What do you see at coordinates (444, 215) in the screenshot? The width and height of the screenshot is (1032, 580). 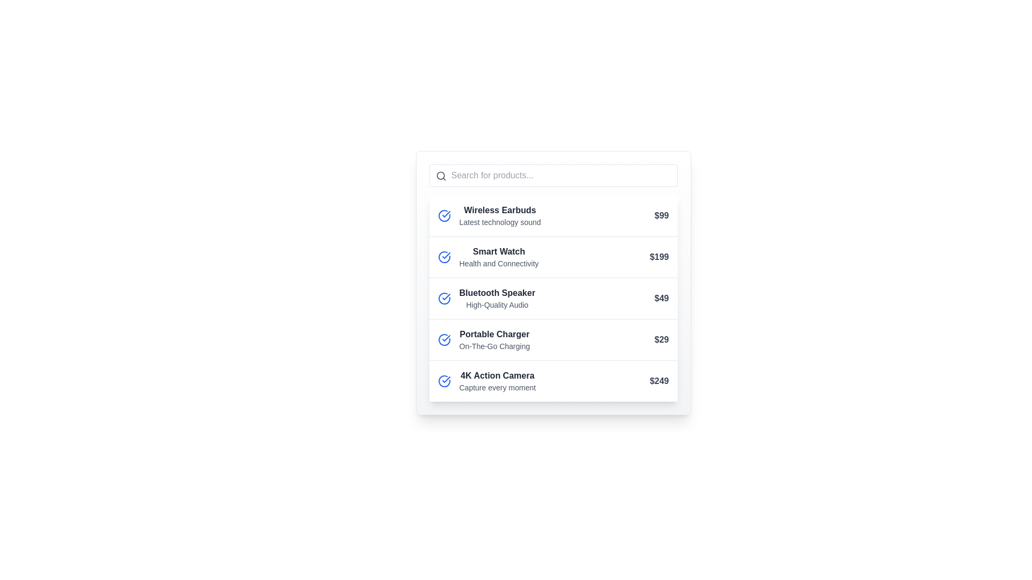 I see `the circular icon with a blue outline and a checkmark at its center, located to the left of the text 'Smart Watch' in the second entry of a vertical product list` at bounding box center [444, 215].